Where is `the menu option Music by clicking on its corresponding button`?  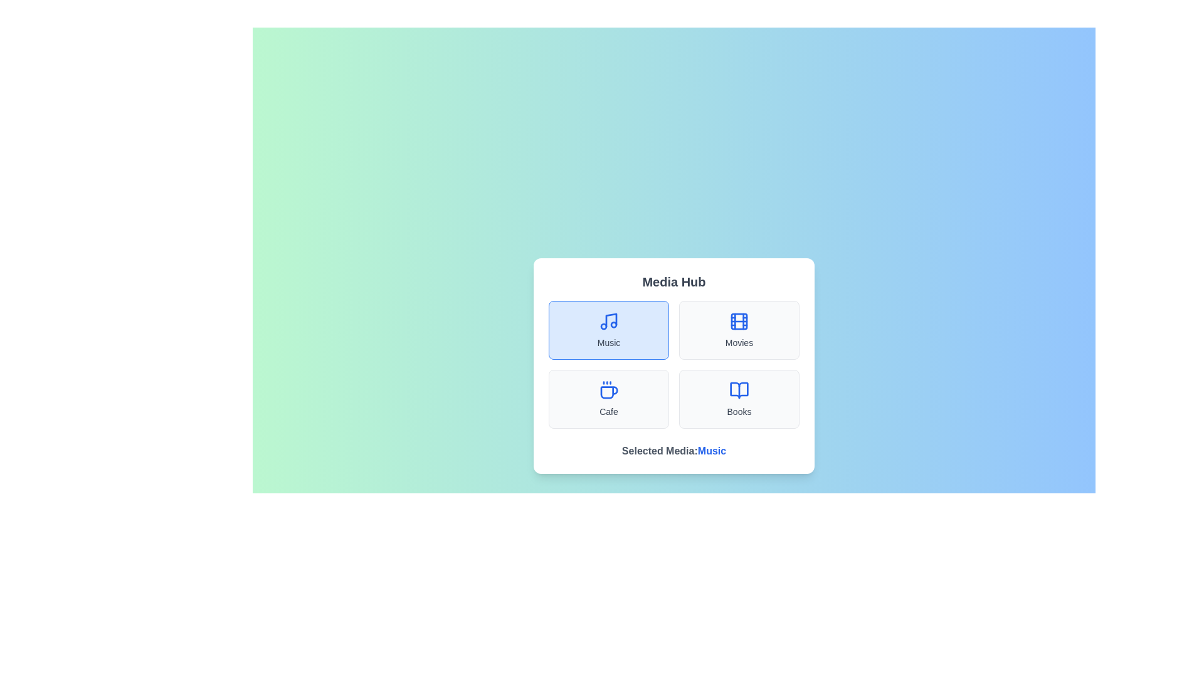
the menu option Music by clicking on its corresponding button is located at coordinates (608, 330).